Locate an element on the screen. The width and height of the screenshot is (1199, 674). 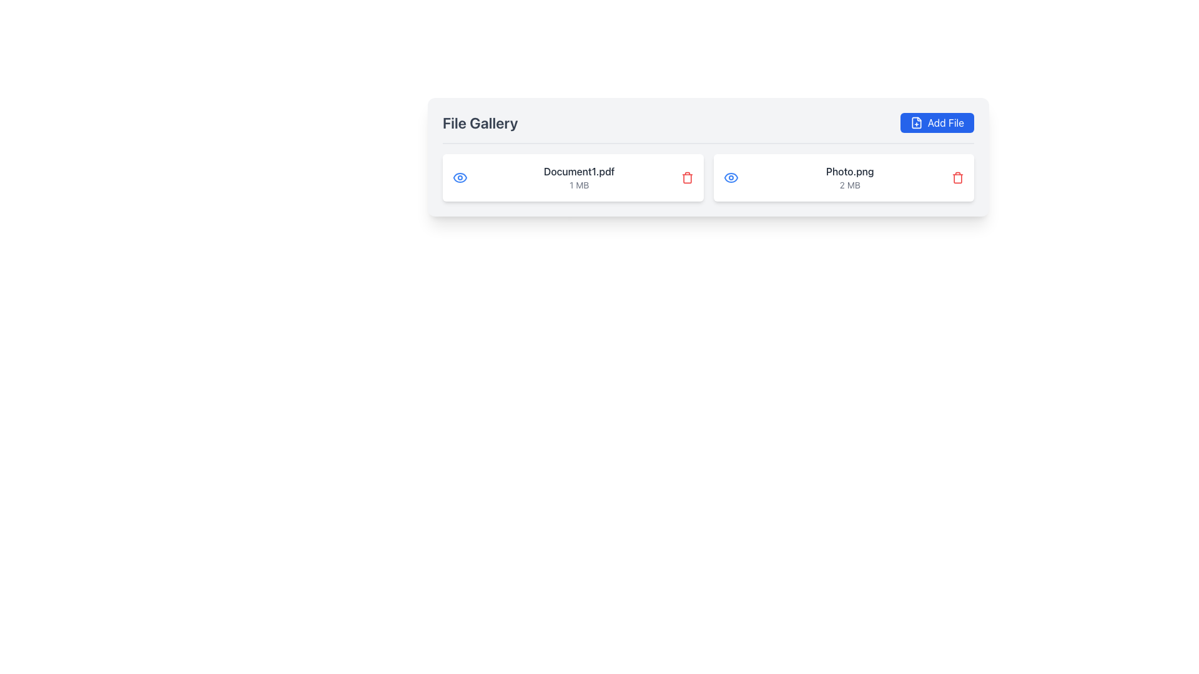
the 'Add File' button represented by the folder icon is located at coordinates (916, 122).